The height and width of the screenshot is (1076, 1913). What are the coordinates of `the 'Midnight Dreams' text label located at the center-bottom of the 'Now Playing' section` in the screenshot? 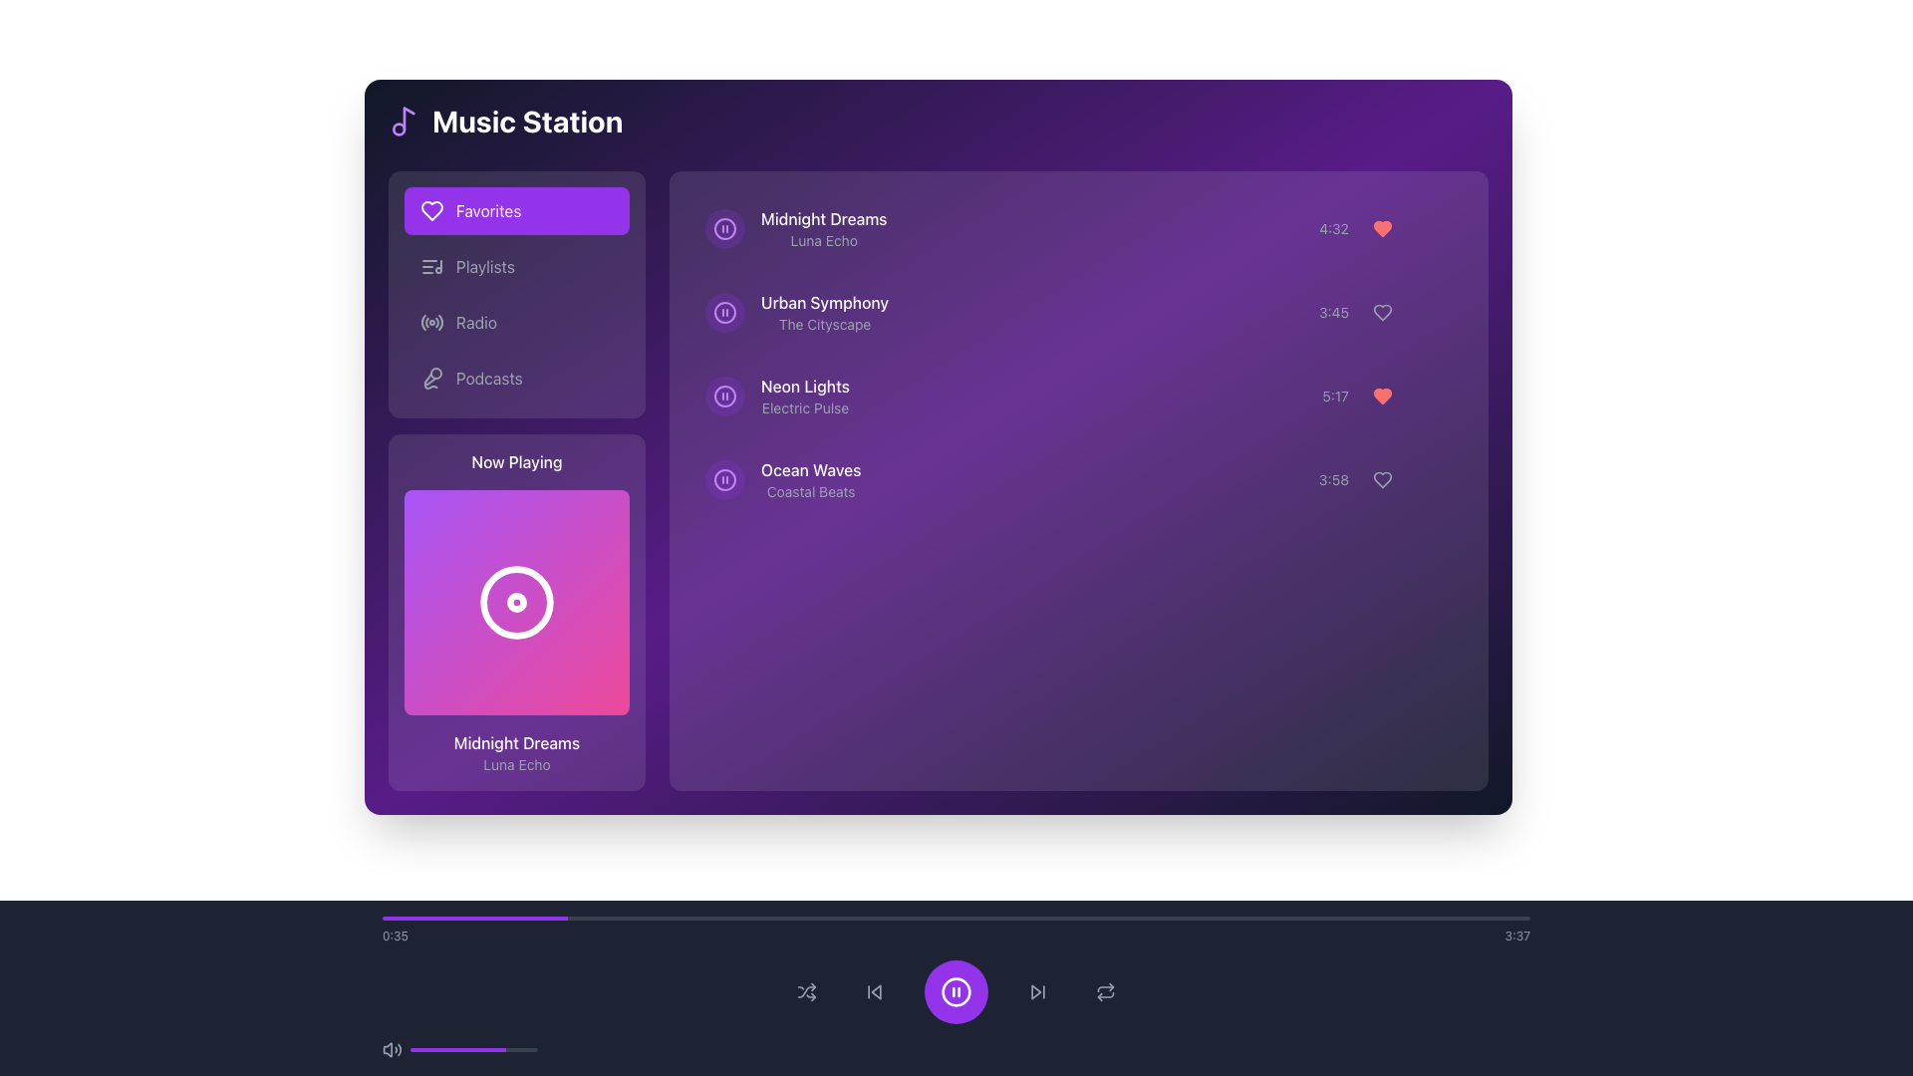 It's located at (516, 742).